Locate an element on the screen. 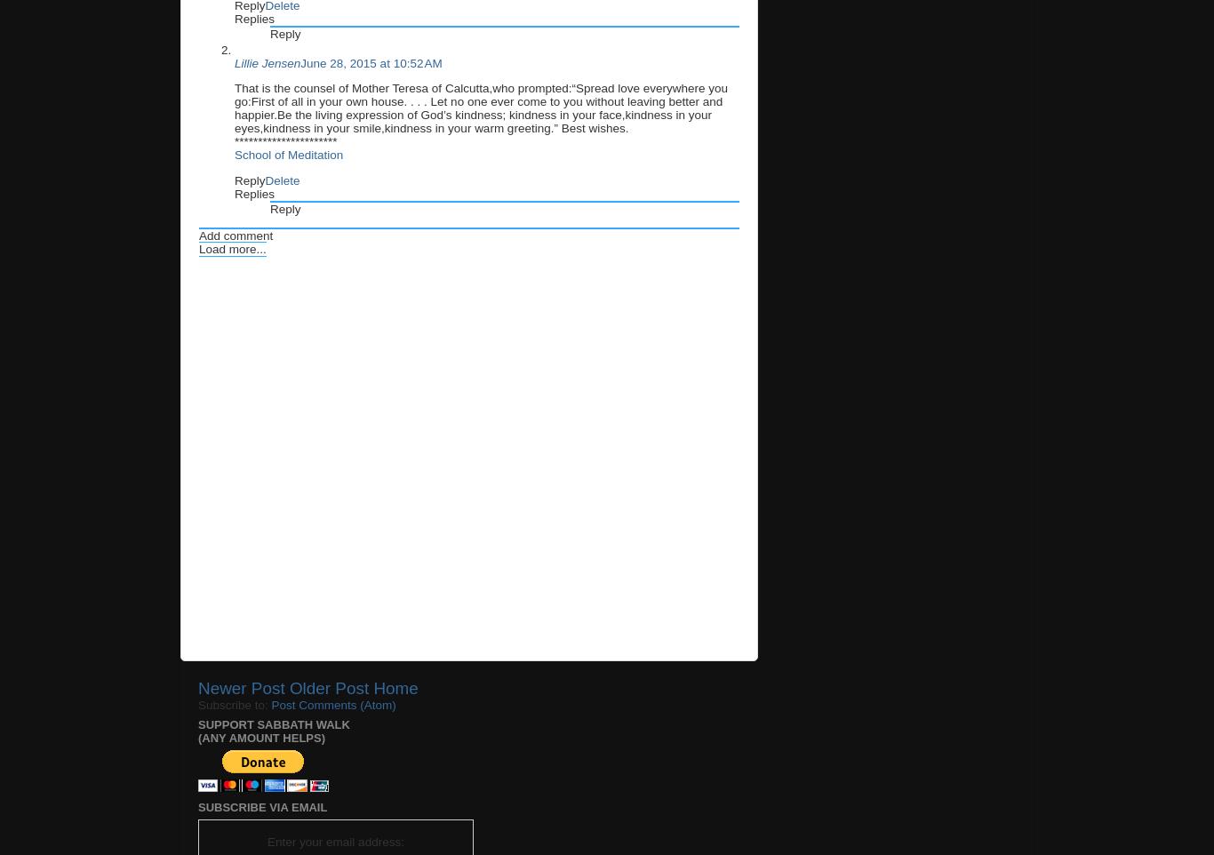  'Add comment' is located at coordinates (236, 236).